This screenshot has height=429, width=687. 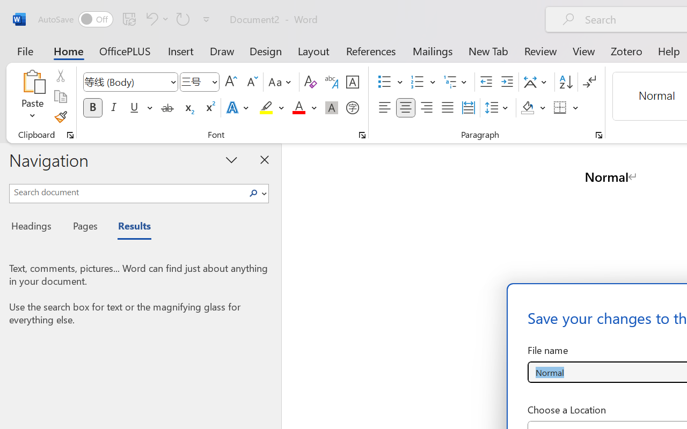 I want to click on 'Customize Quick Access Toolbar', so click(x=206, y=19).